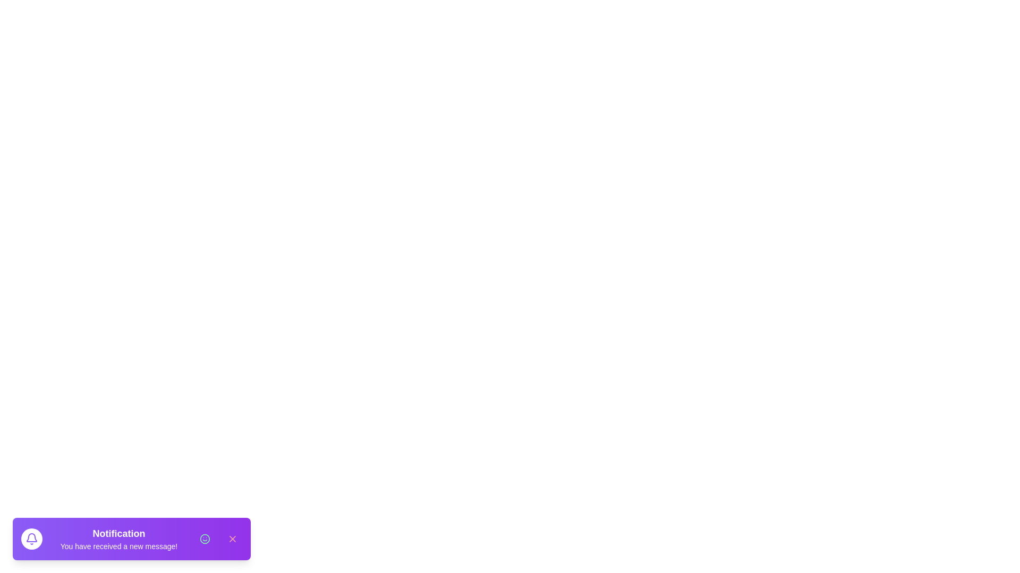 The image size is (1020, 573). Describe the element at coordinates (232, 539) in the screenshot. I see `the 'X' button to close the notification` at that location.